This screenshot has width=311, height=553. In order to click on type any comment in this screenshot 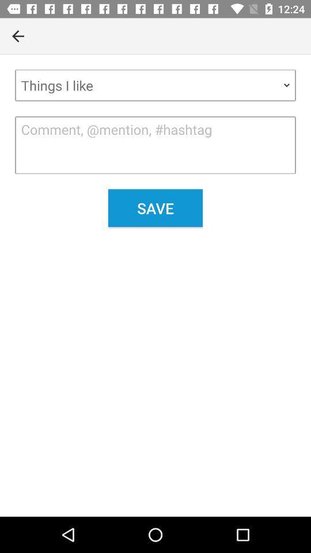, I will do `click(155, 145)`.